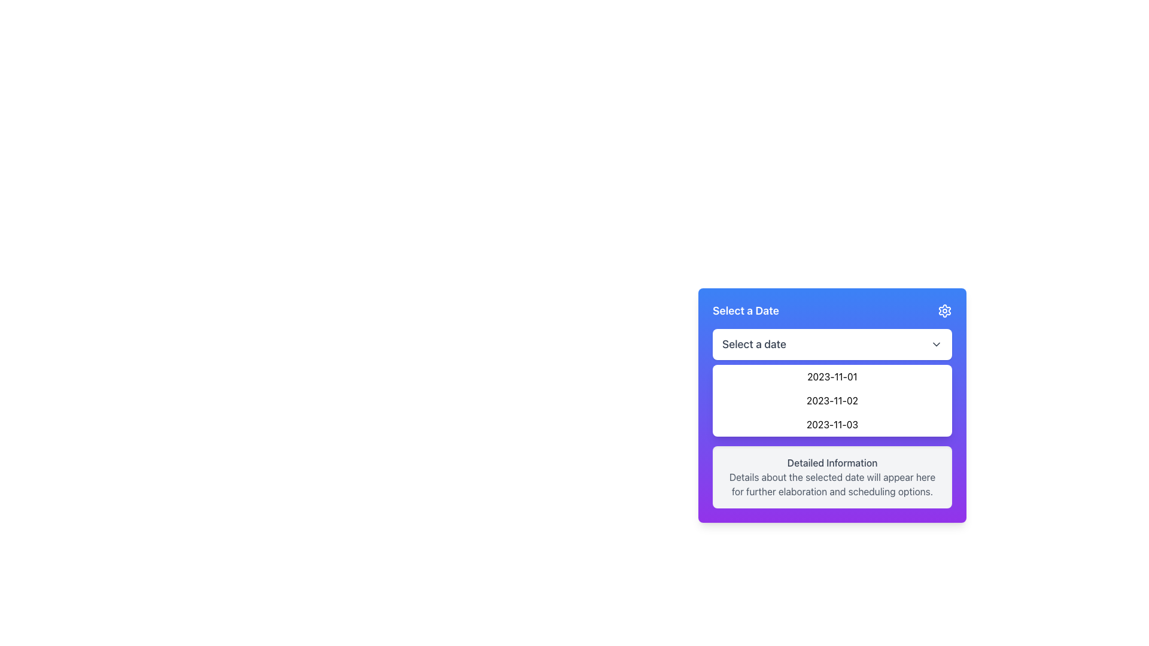  I want to click on the Dropdown Indicator Icon, which is a downward-facing arrow located at the right edge of the 'Select a date' button, so click(935, 344).